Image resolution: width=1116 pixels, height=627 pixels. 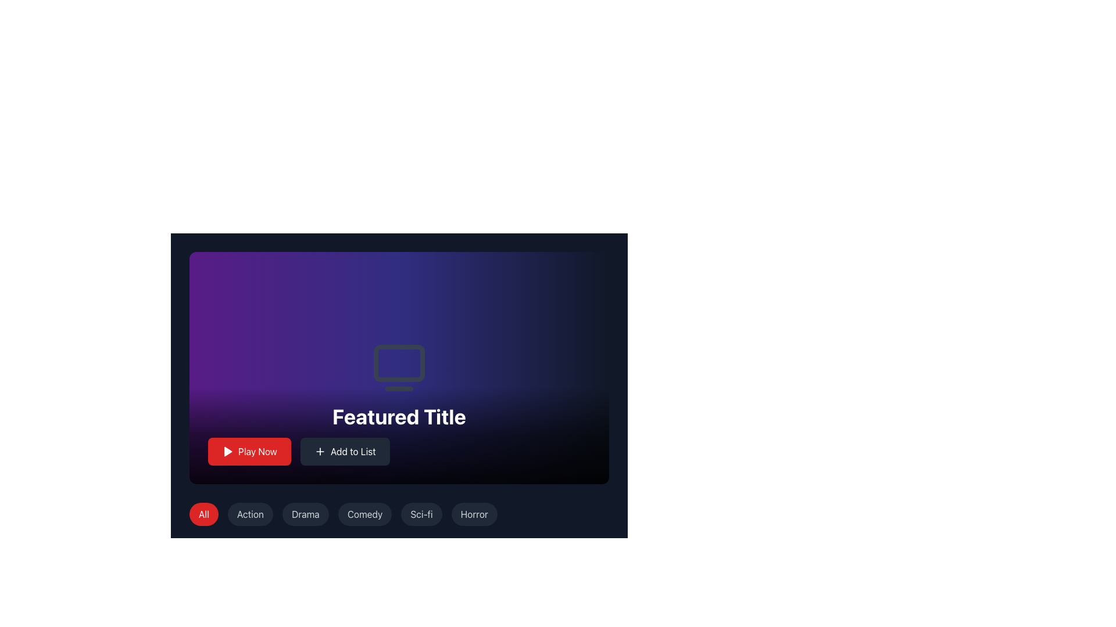 What do you see at coordinates (250, 514) in the screenshot?
I see `the filter button that selects the 'Action' category, located as the second button from the left in a horizontal list near the bottom of the interface` at bounding box center [250, 514].